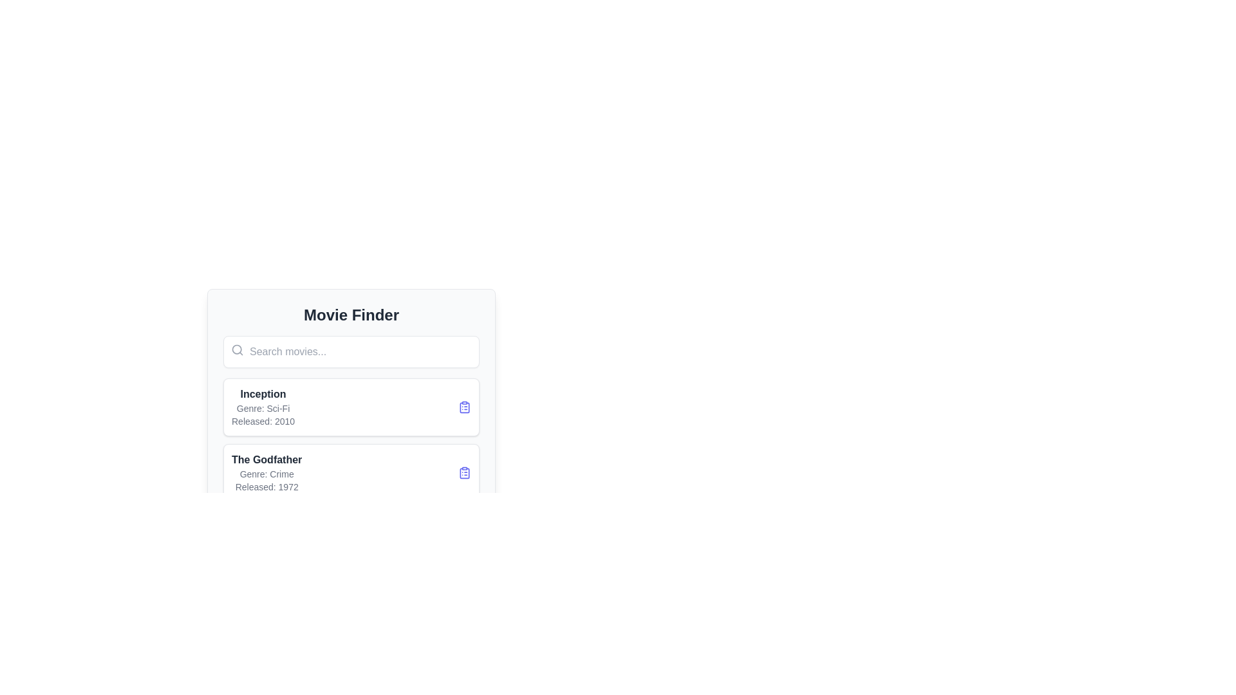 The height and width of the screenshot is (695, 1236). Describe the element at coordinates (266, 473) in the screenshot. I see `the information display block presenting details about the movie 'The Godfather' located in the 'Movie Finder' section` at that location.